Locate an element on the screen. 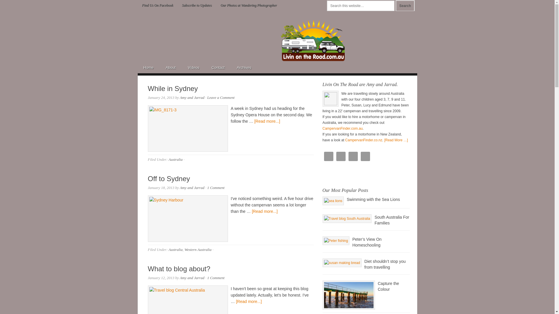 The width and height of the screenshot is (559, 314). 'Facebook' is located at coordinates (341, 156).